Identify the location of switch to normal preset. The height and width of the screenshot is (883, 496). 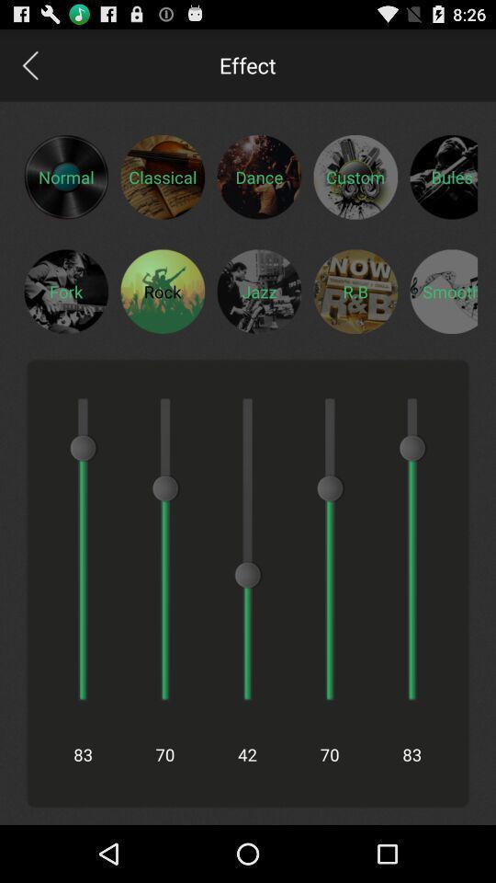
(65, 177).